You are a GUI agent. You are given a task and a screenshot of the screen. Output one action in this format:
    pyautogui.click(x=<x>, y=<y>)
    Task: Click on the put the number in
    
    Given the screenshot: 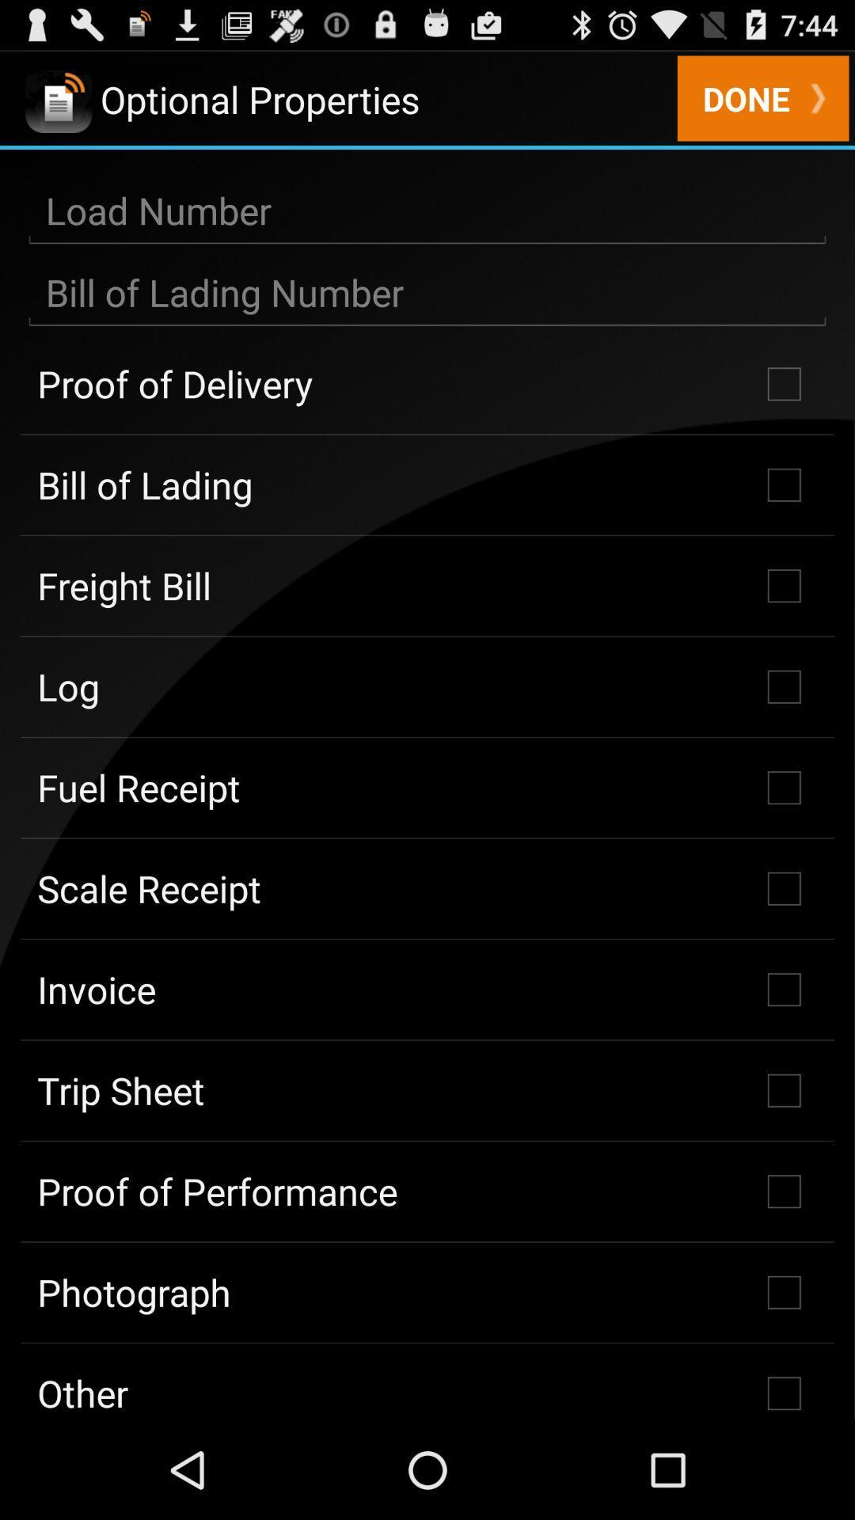 What is the action you would take?
    pyautogui.click(x=427, y=293)
    